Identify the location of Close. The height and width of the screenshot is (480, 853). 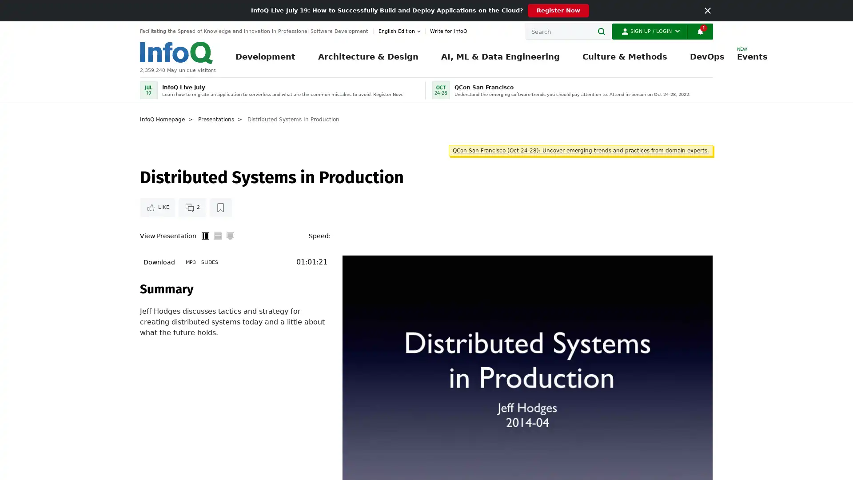
(707, 10).